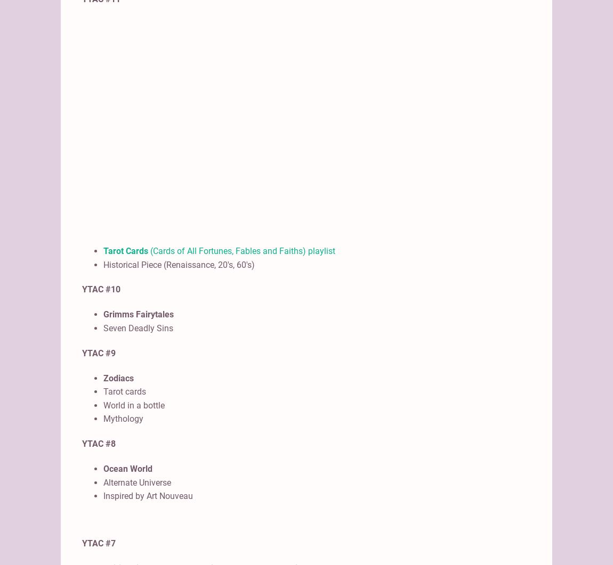 Image resolution: width=613 pixels, height=565 pixels. What do you see at coordinates (81, 352) in the screenshot?
I see `'YTAC #9'` at bounding box center [81, 352].